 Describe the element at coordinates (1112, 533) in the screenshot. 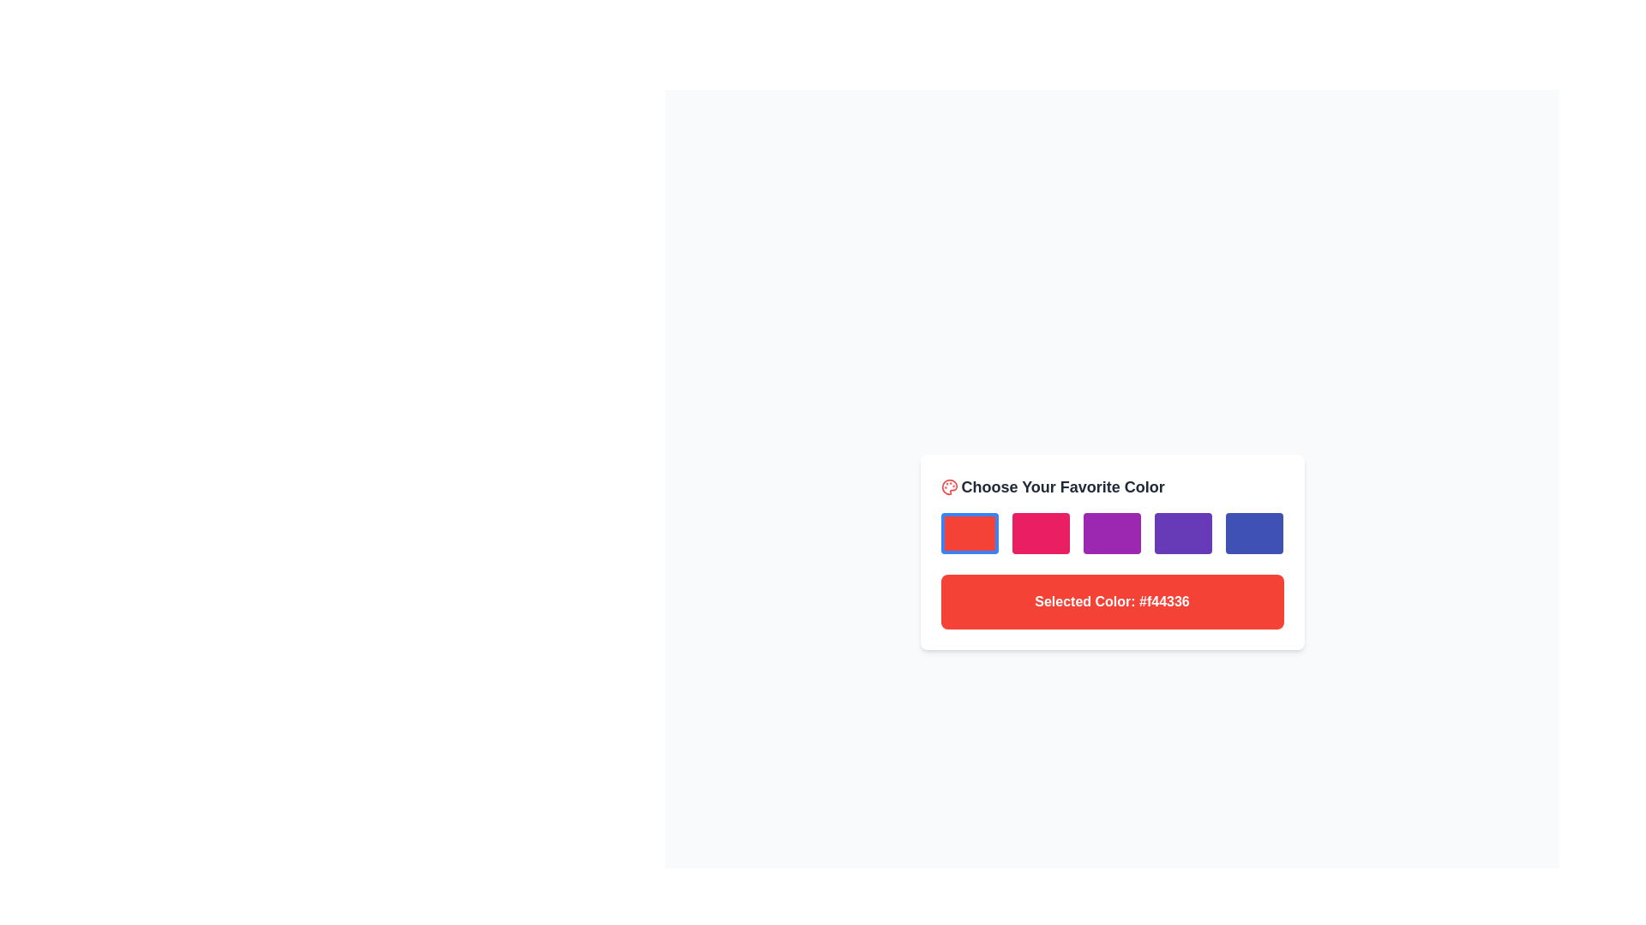

I see `the third button in a row of five color selection buttons with a purple background` at that location.